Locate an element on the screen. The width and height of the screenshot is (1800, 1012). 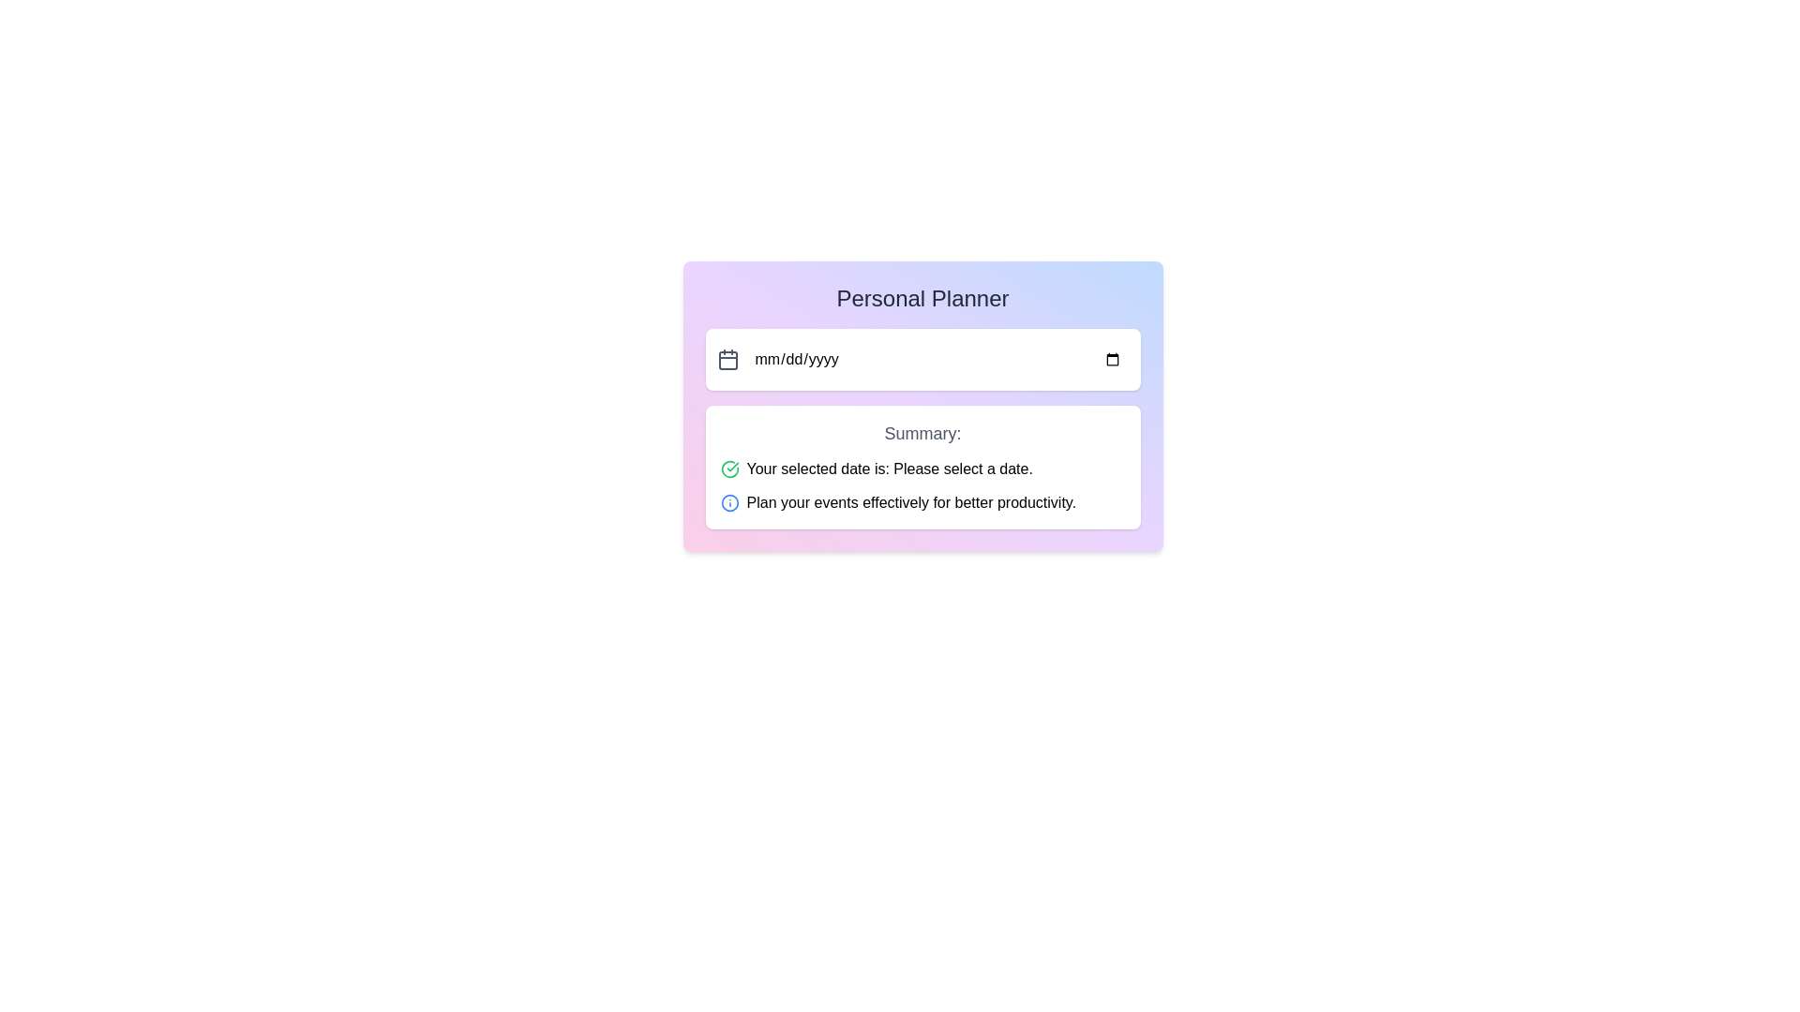
the icon located to the left of the text 'Plan your events effectively for better productivity.' in the summary feedback section is located at coordinates (728, 501).